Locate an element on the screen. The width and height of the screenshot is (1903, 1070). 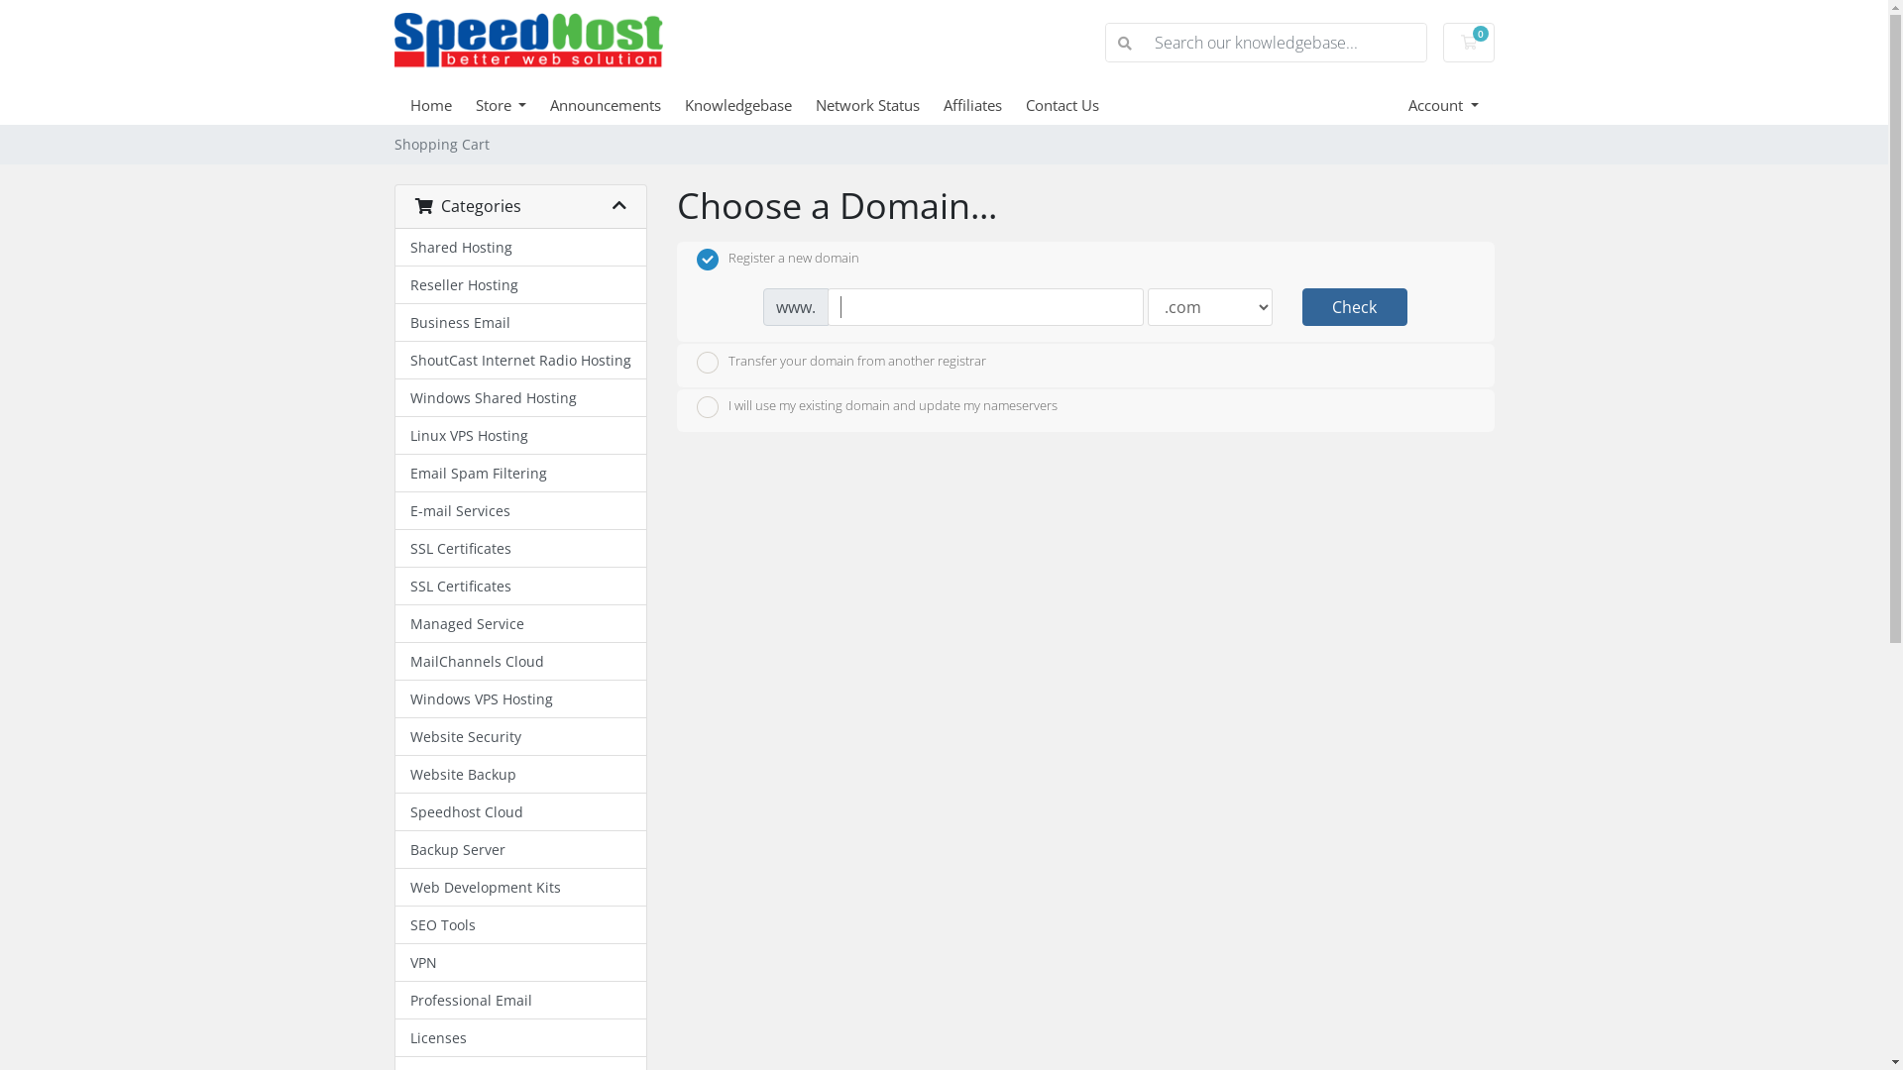
'SEO Tools' is located at coordinates (394, 924).